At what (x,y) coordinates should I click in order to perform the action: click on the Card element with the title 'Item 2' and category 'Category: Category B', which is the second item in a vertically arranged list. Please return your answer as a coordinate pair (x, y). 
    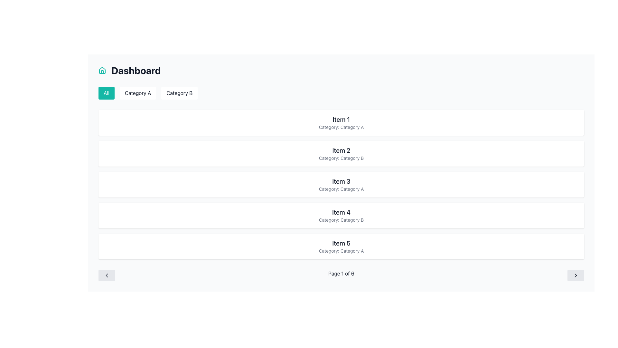
    Looking at the image, I should click on (341, 154).